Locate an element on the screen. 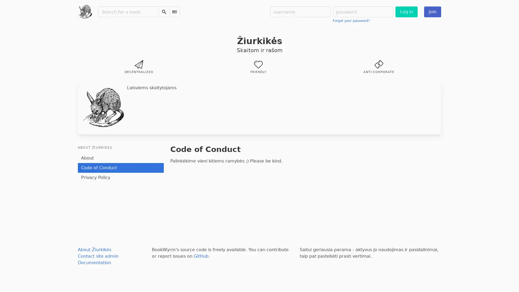 Image resolution: width=519 pixels, height=292 pixels. Scan Barcode is located at coordinates (174, 12).